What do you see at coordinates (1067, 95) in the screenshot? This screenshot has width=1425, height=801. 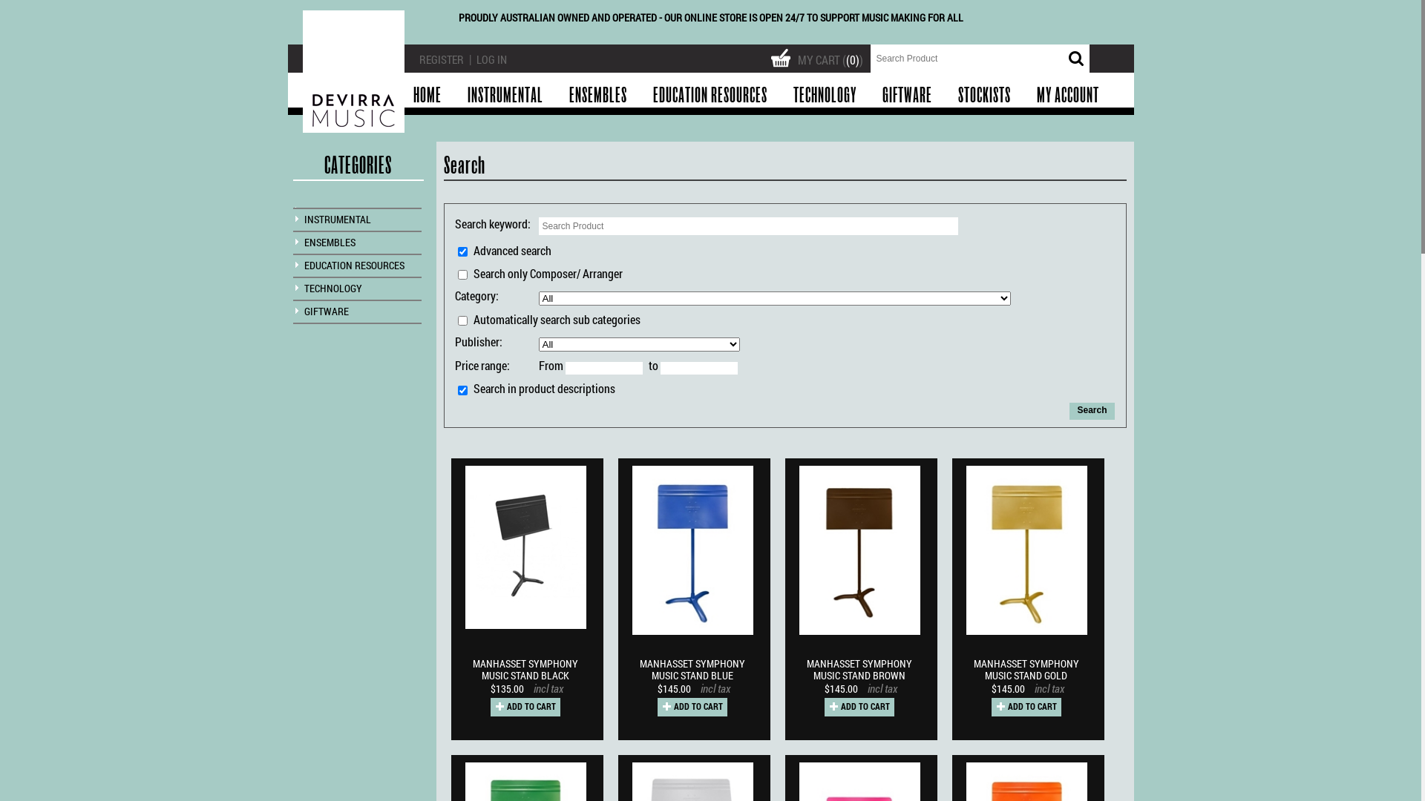 I see `'MY ACCOUNT'` at bounding box center [1067, 95].